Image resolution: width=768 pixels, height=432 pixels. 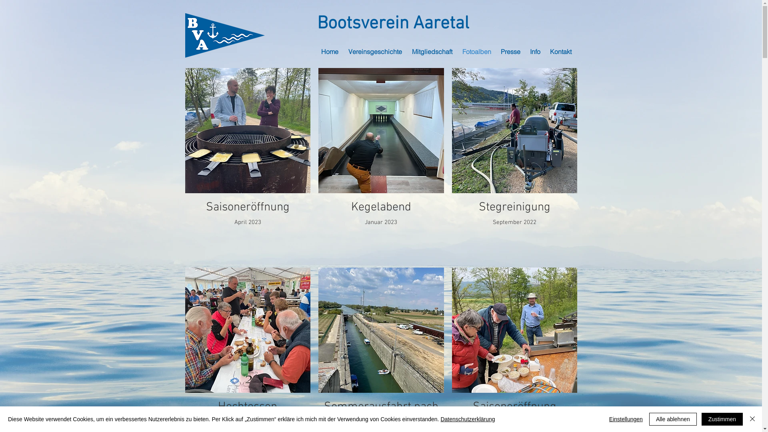 I want to click on 'Kontakt', so click(x=560, y=51).